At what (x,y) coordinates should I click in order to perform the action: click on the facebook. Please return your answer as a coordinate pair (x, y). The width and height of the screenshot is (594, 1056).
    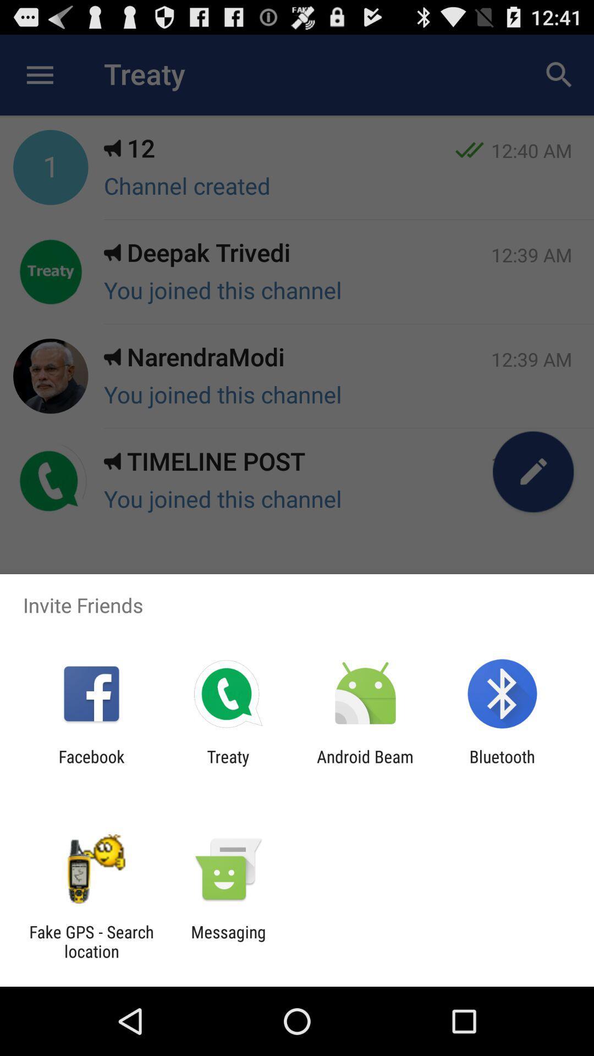
    Looking at the image, I should click on (91, 766).